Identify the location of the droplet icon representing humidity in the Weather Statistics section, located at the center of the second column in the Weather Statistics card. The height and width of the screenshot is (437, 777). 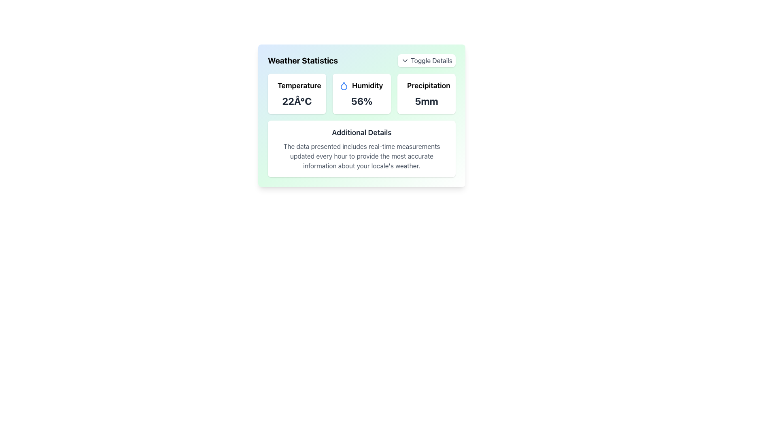
(344, 86).